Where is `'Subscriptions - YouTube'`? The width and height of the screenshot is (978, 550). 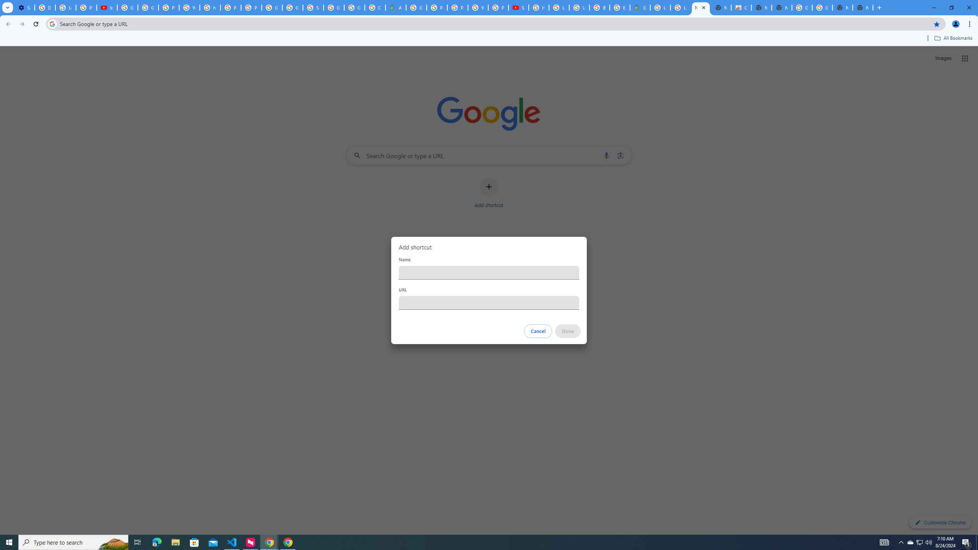
'Subscriptions - YouTube' is located at coordinates (518, 7).